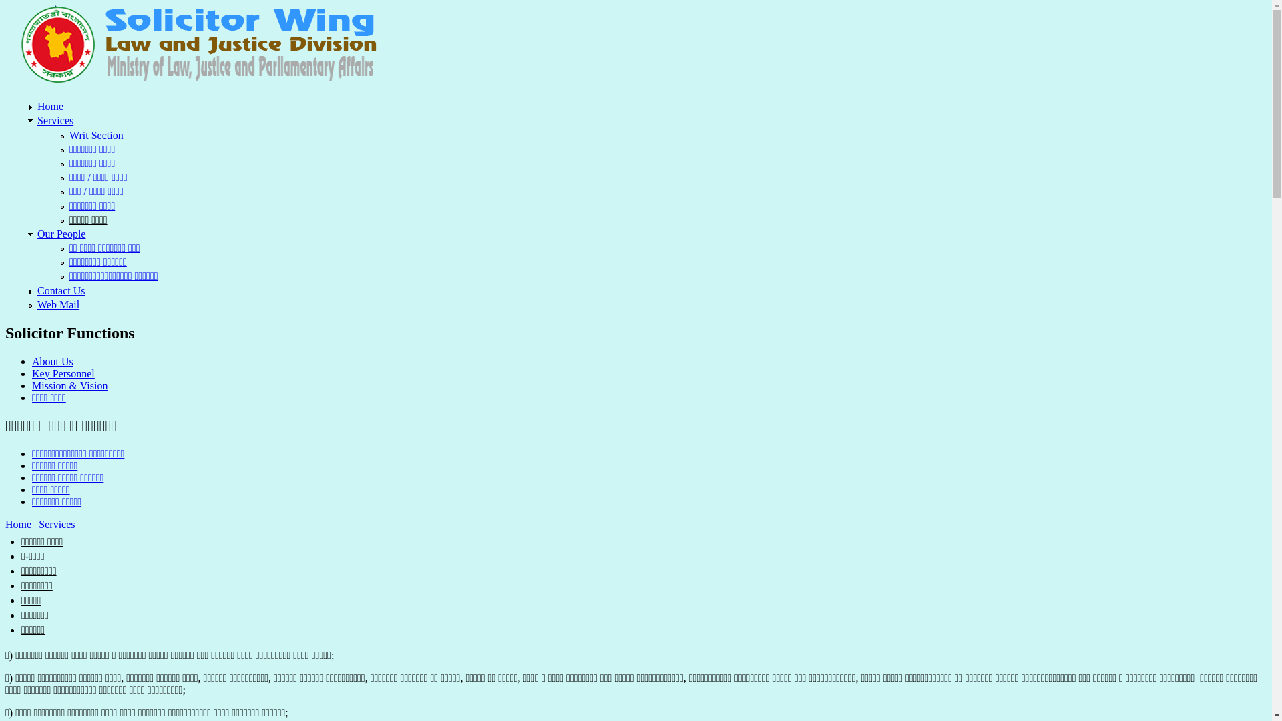  Describe the element at coordinates (52, 361) in the screenshot. I see `'About Us'` at that location.